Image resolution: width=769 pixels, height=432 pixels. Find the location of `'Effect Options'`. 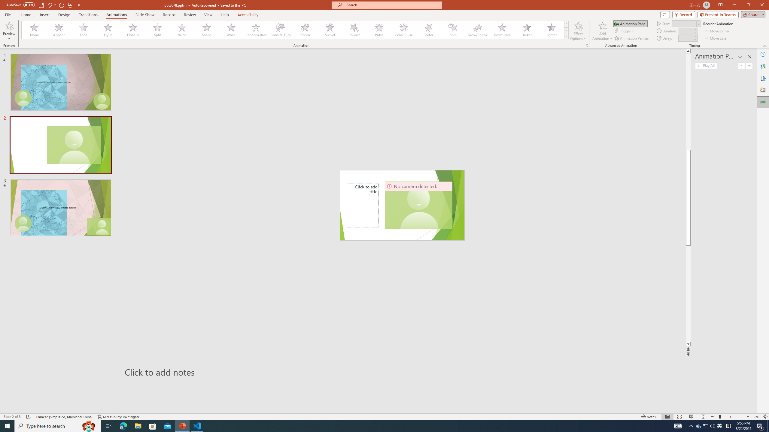

'Effect Options' is located at coordinates (578, 31).